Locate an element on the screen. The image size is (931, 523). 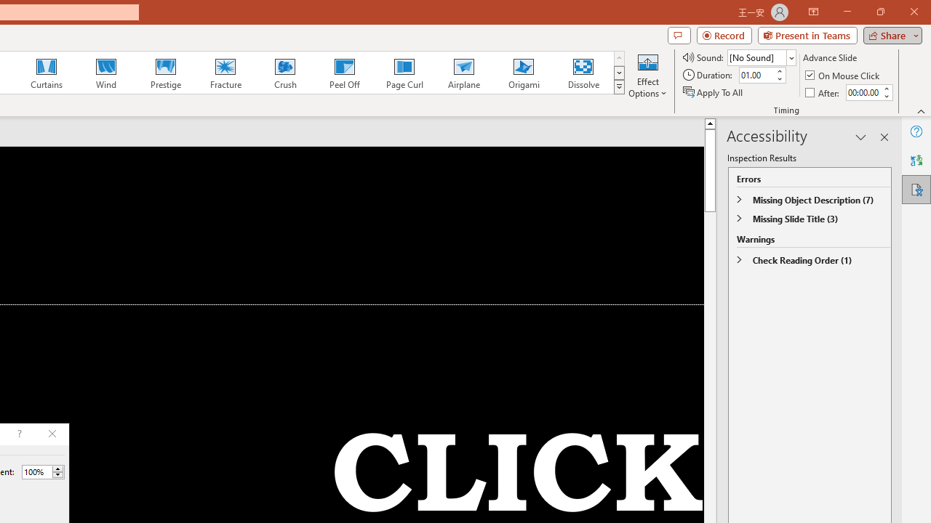
'Peel Off' is located at coordinates (343, 73).